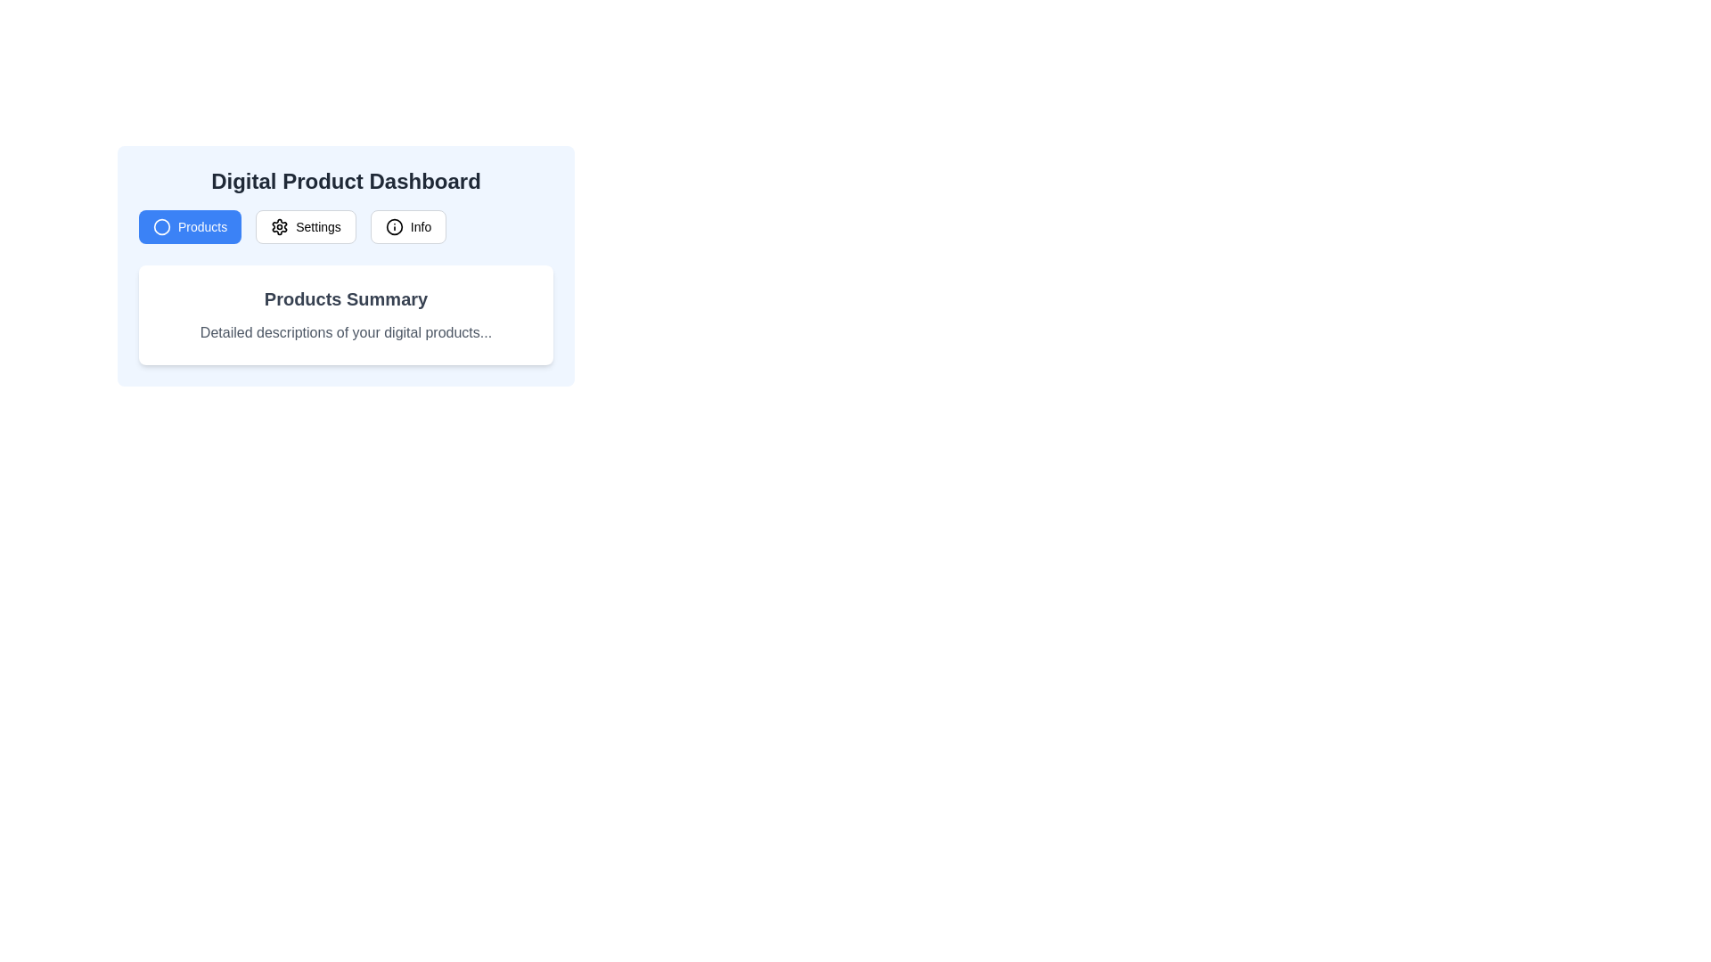  What do you see at coordinates (190, 225) in the screenshot?
I see `the 'Products' button, which is a rectangular button with rounded corners, a blue background, and the text 'Products' in white font` at bounding box center [190, 225].